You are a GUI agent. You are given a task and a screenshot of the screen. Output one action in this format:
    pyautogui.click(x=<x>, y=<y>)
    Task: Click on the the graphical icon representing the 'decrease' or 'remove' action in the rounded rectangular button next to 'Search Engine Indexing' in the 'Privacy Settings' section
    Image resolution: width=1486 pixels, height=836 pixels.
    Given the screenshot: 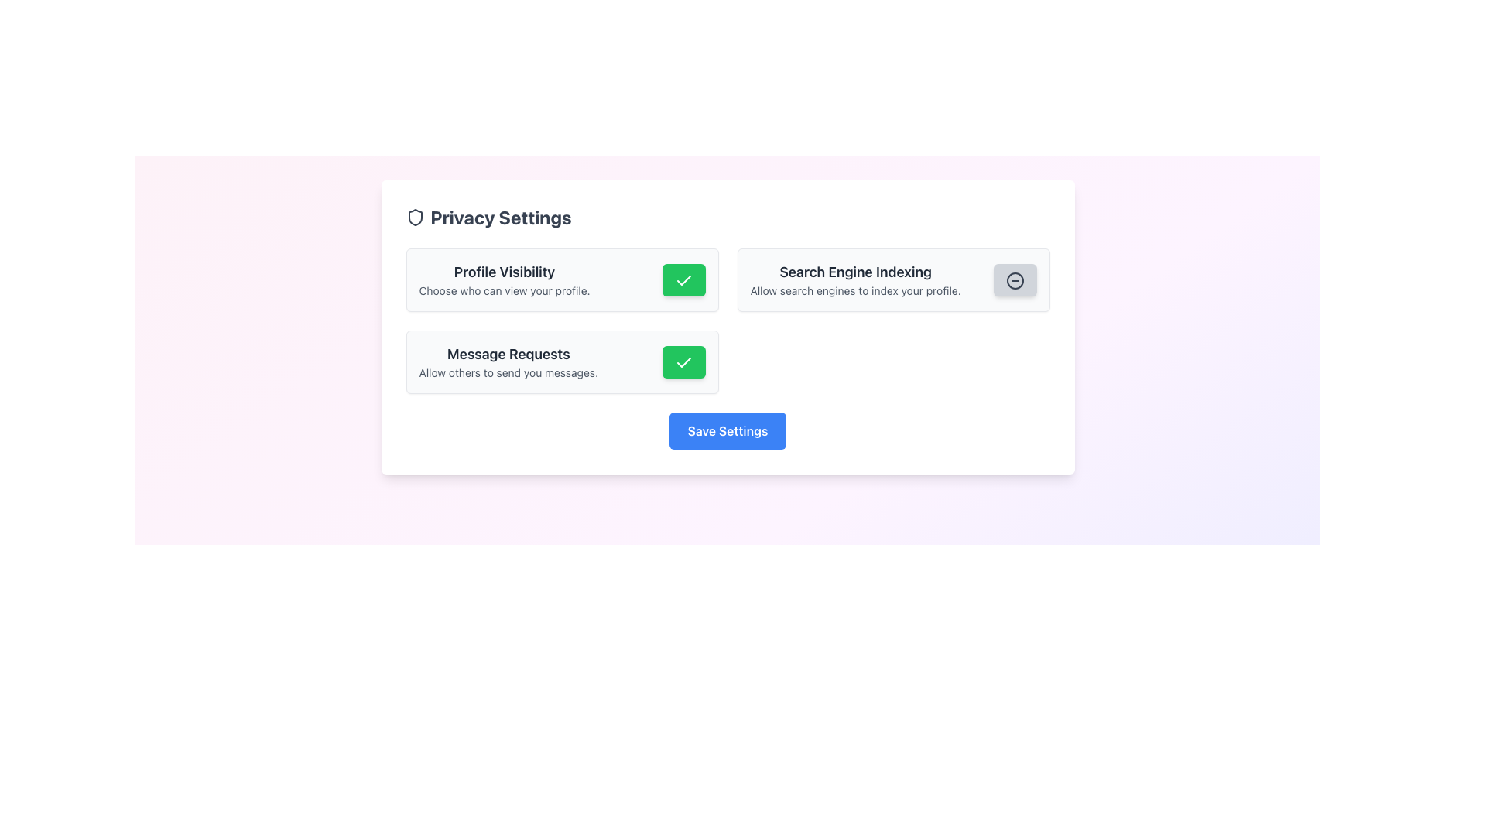 What is the action you would take?
    pyautogui.click(x=1015, y=280)
    